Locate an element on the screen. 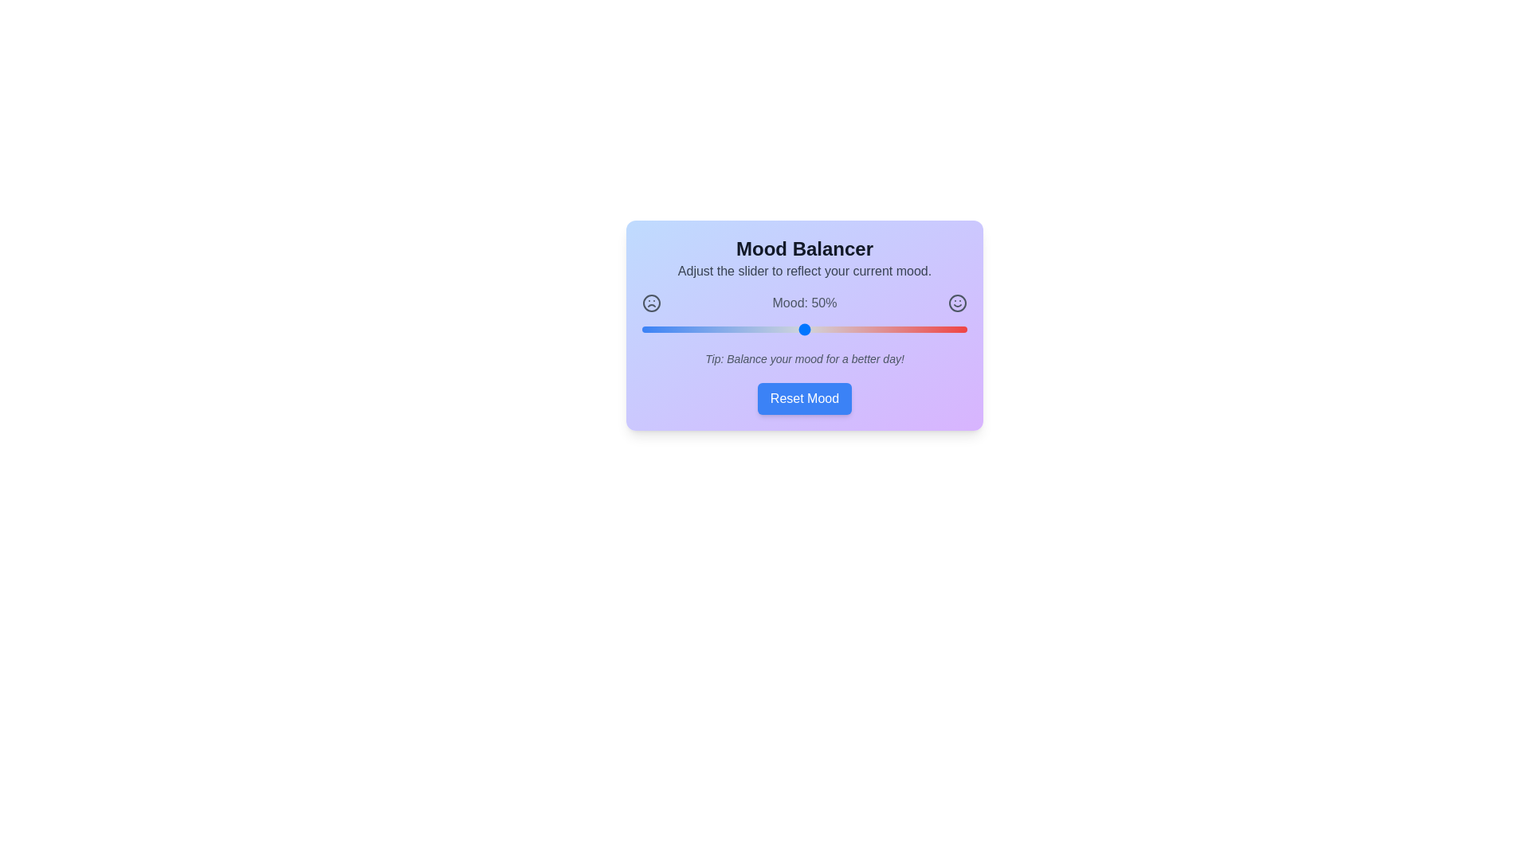 Image resolution: width=1530 pixels, height=860 pixels. the mood slider to 50% is located at coordinates (804, 328).